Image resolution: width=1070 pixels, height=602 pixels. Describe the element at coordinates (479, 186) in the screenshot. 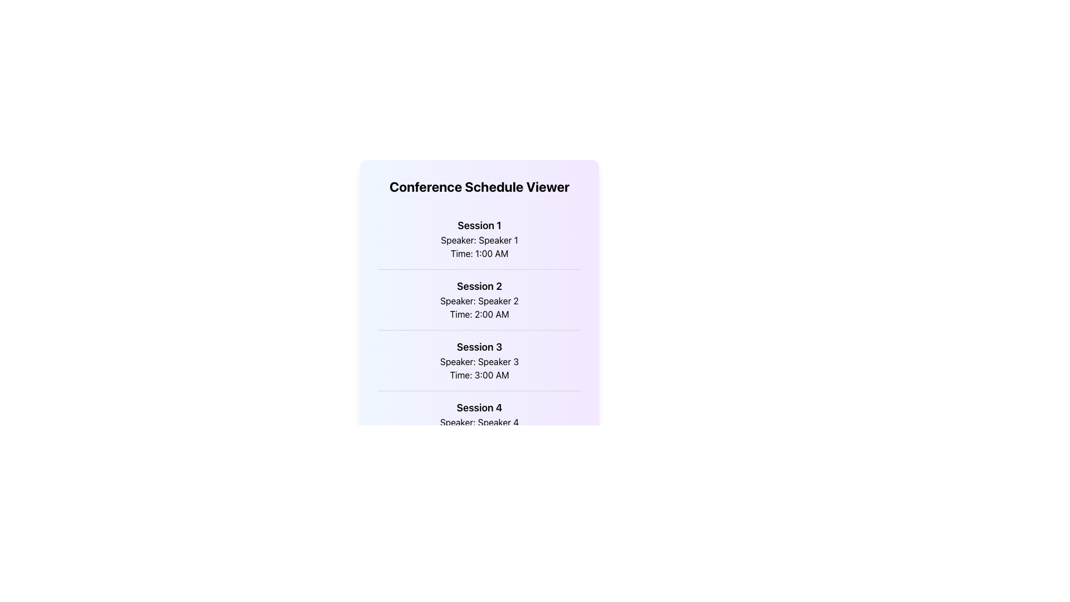

I see `the header element that indicates the content pertains to the 'Conference Schedule Viewer'` at that location.